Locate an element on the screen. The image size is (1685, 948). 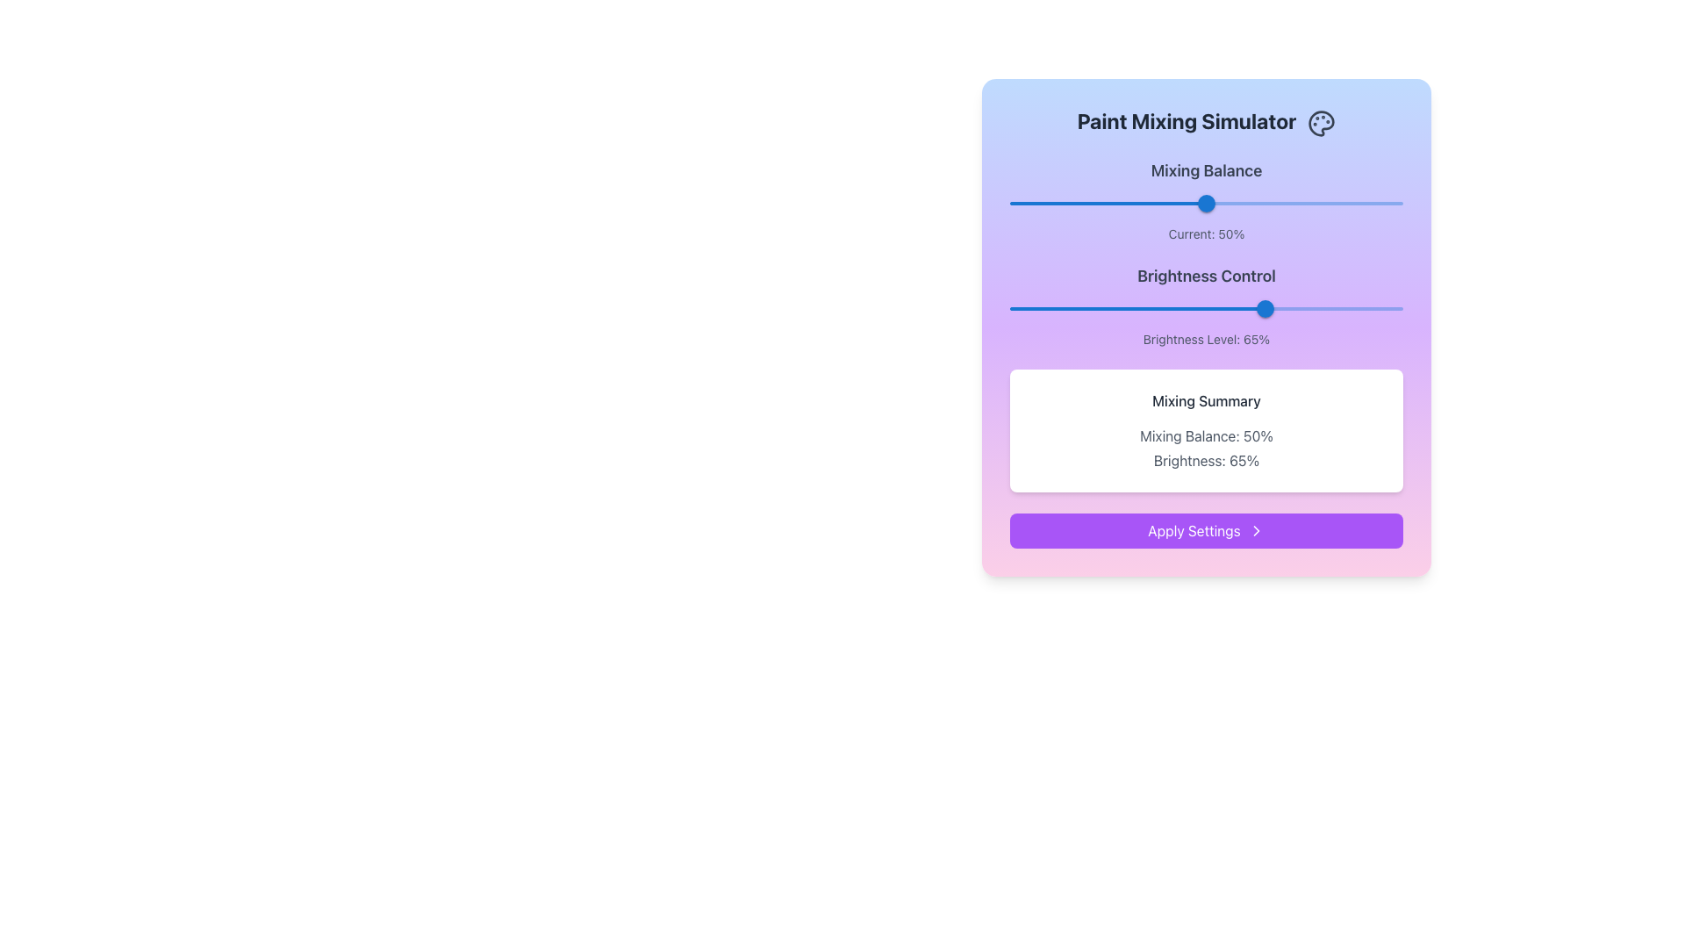
the 'Apply Settings' button located at the bottom section of the 'Paint Mixing Simulator' card to confirm and apply the current configuration values is located at coordinates (1205, 529).